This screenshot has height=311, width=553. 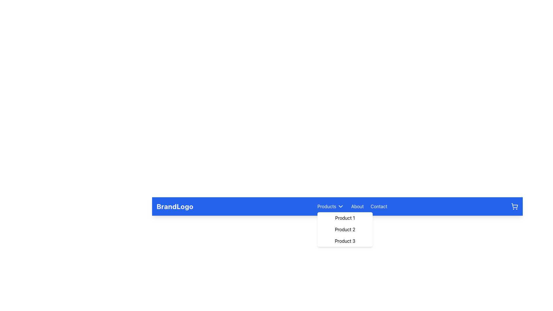 I want to click on the brand logo located on the left side of the blue navigation bar, so click(x=175, y=206).